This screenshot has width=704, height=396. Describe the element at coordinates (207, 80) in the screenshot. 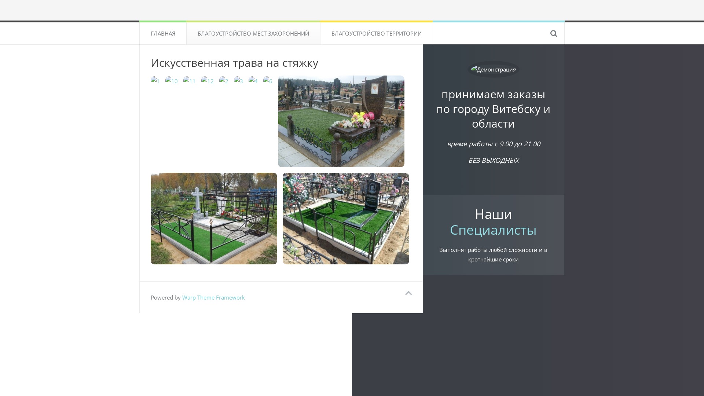

I see `'12'` at that location.